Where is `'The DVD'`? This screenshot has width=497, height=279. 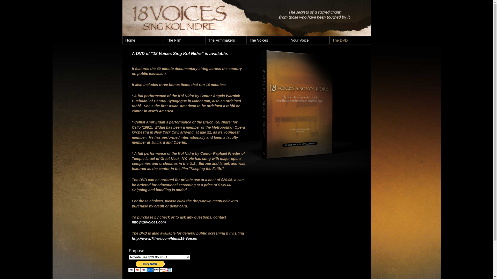 'The DVD' is located at coordinates (350, 40).